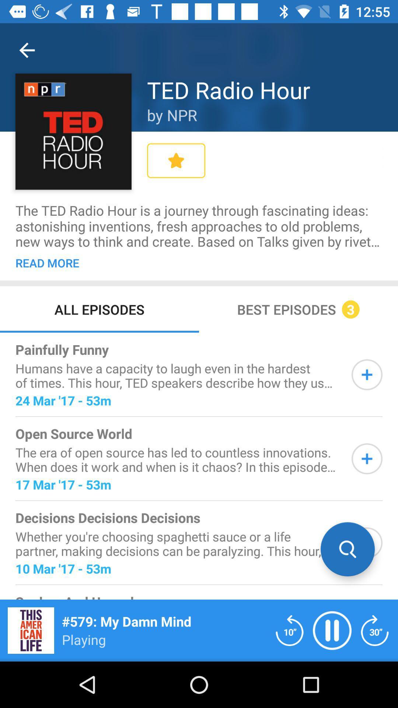 The image size is (398, 708). I want to click on to que, so click(367, 458).